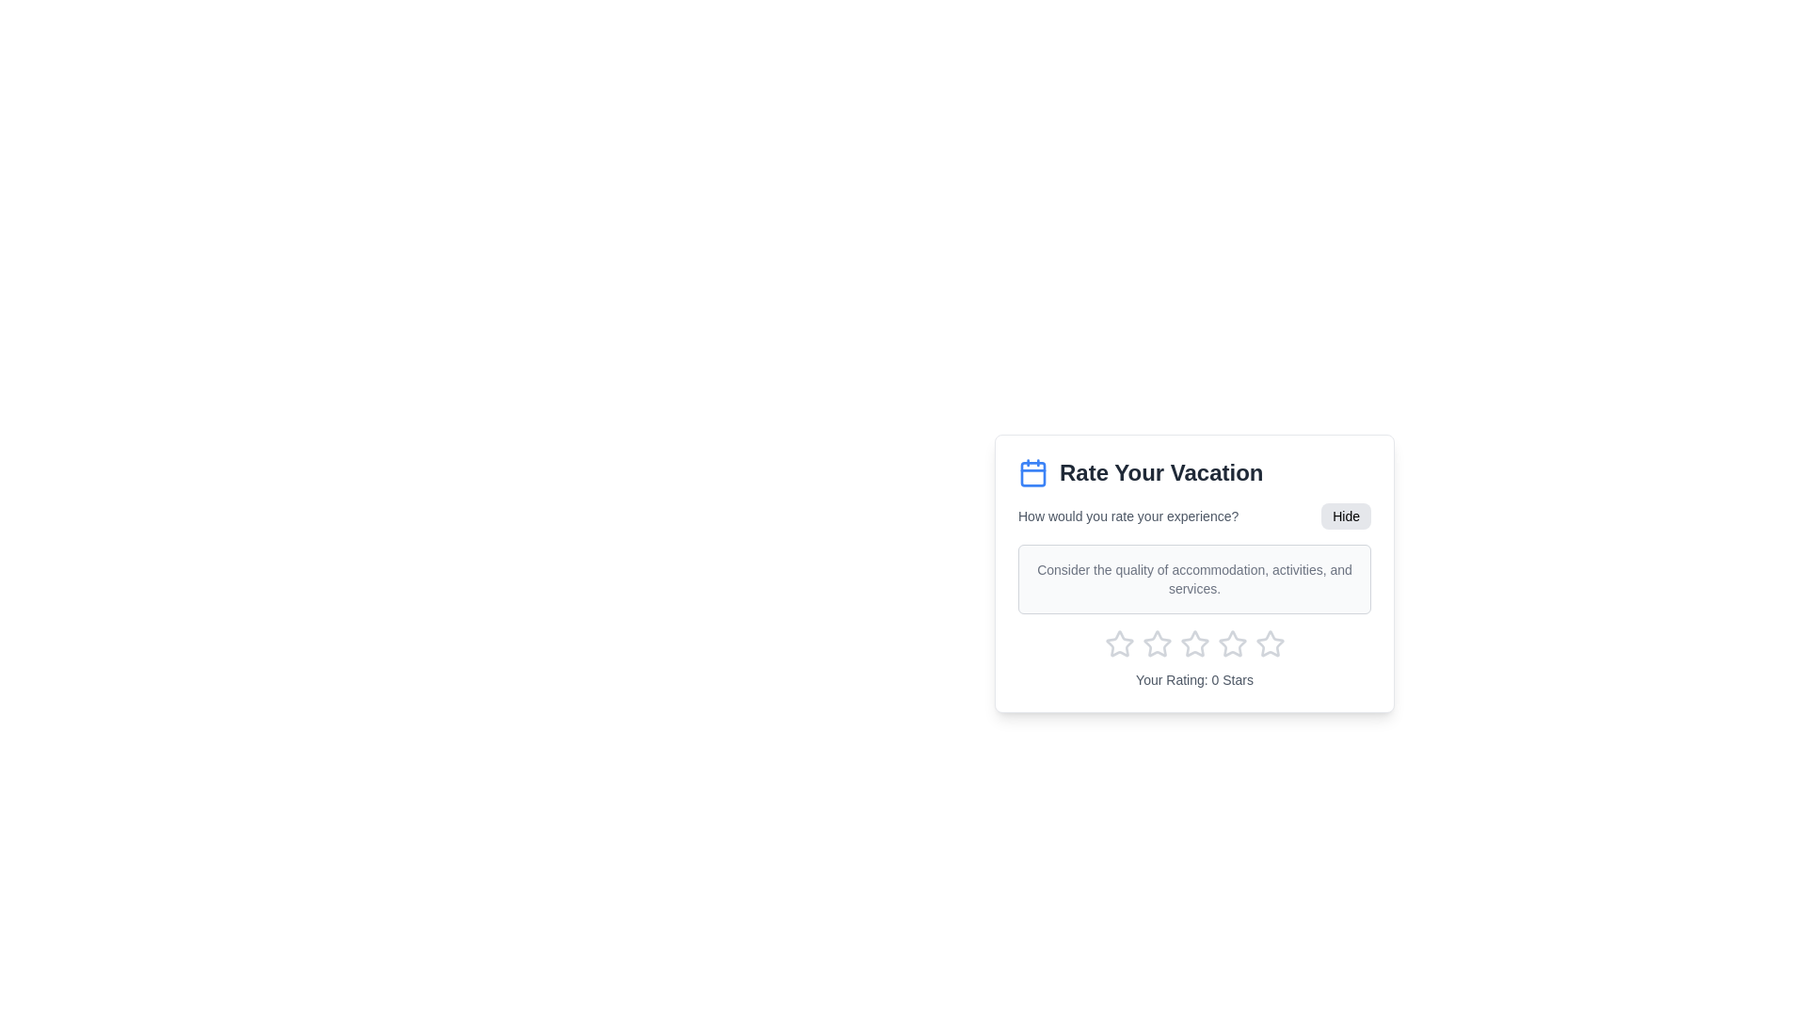 The height and width of the screenshot is (1016, 1807). Describe the element at coordinates (1160, 471) in the screenshot. I see `the bold text label that says 'Rate Your Vacation', styled with a large font size and black color, located at the top of a card layout, immediately to the right of a calendar icon` at that location.